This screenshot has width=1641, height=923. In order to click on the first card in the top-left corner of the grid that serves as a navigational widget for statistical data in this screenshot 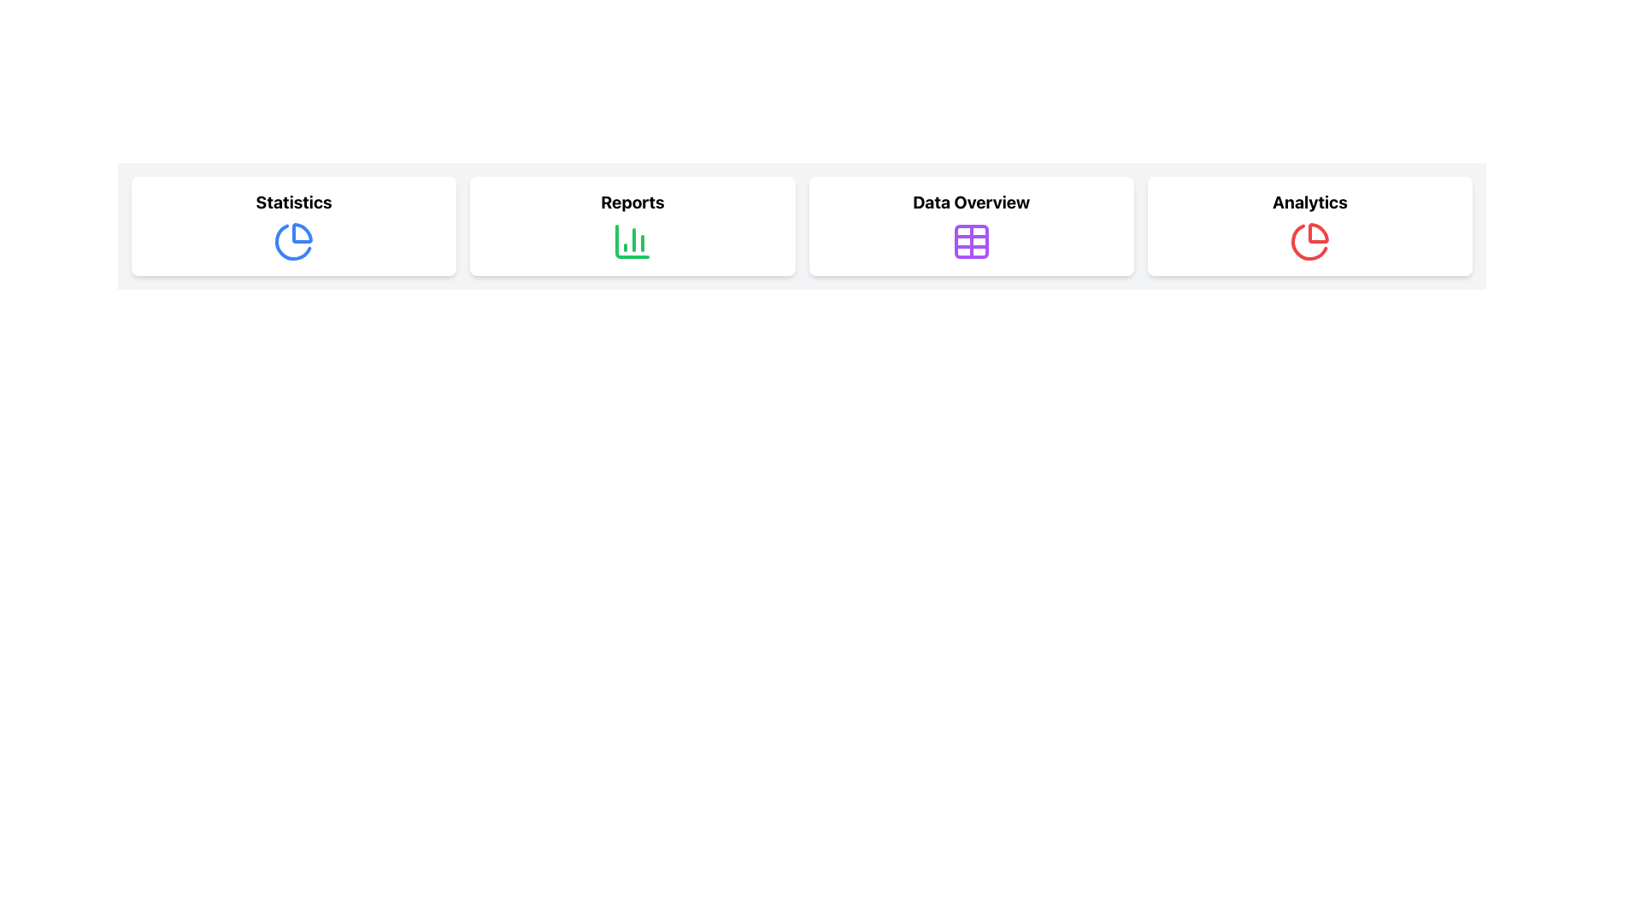, I will do `click(294, 226)`.